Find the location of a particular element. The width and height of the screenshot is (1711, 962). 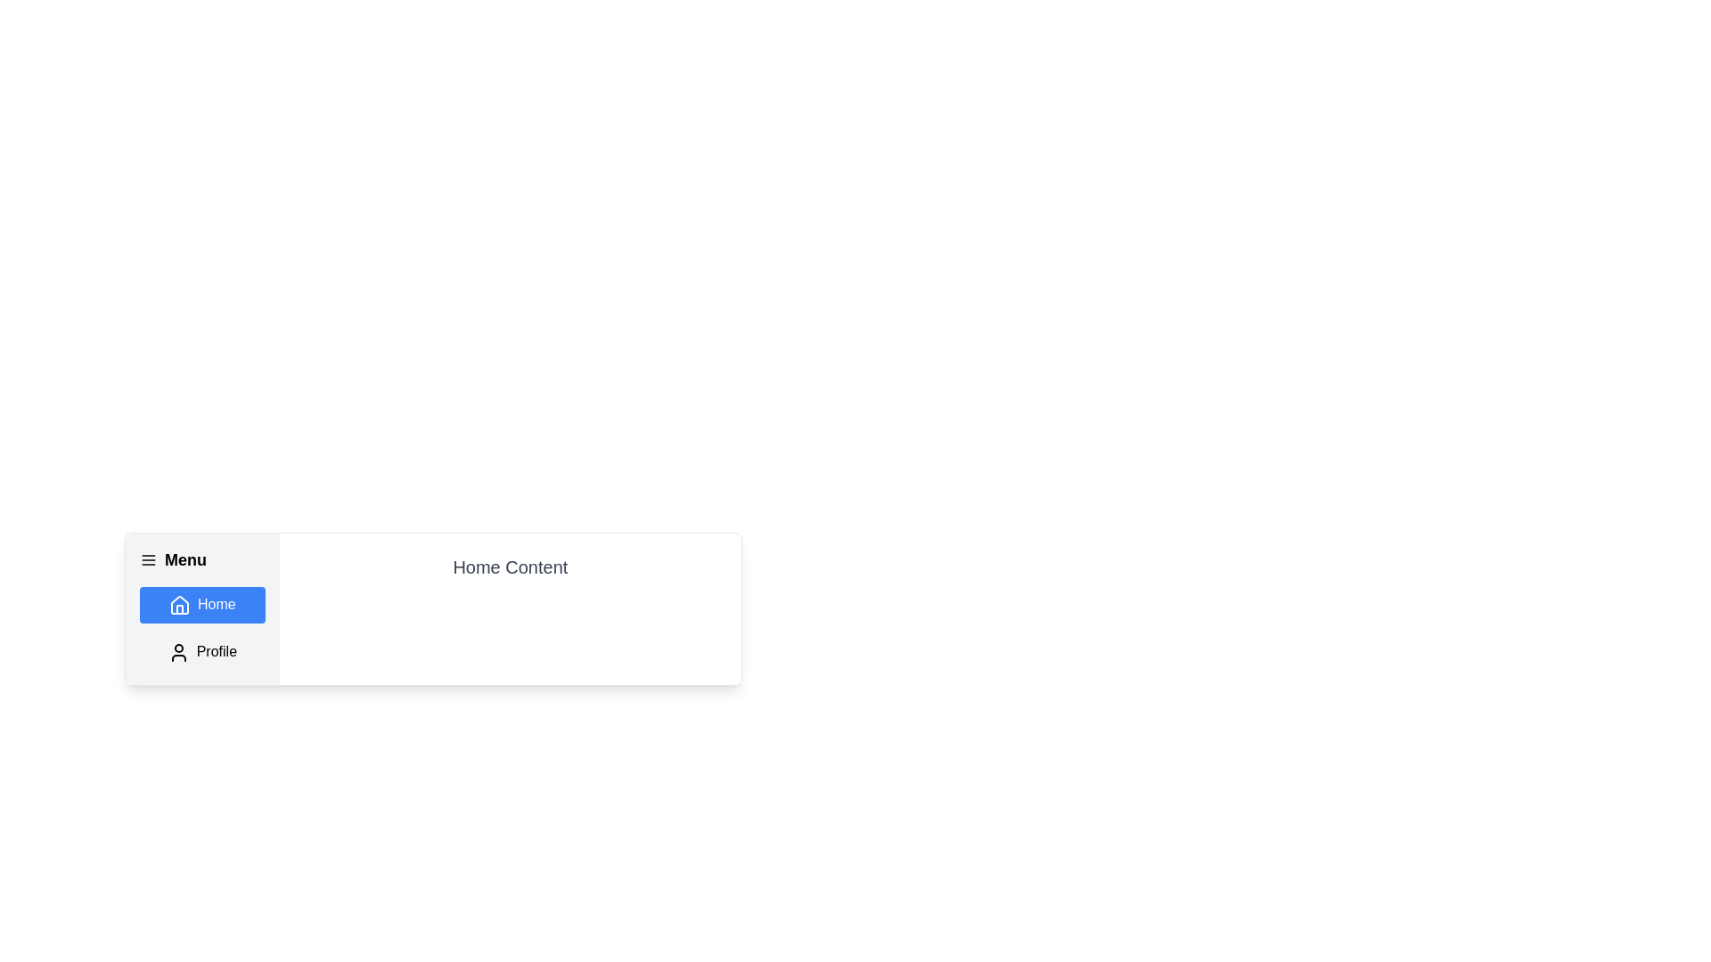

the label with icon located at the top-left corner of the vertical navigation panel, which serves as an indicator for accessing menu options is located at coordinates (202, 558).